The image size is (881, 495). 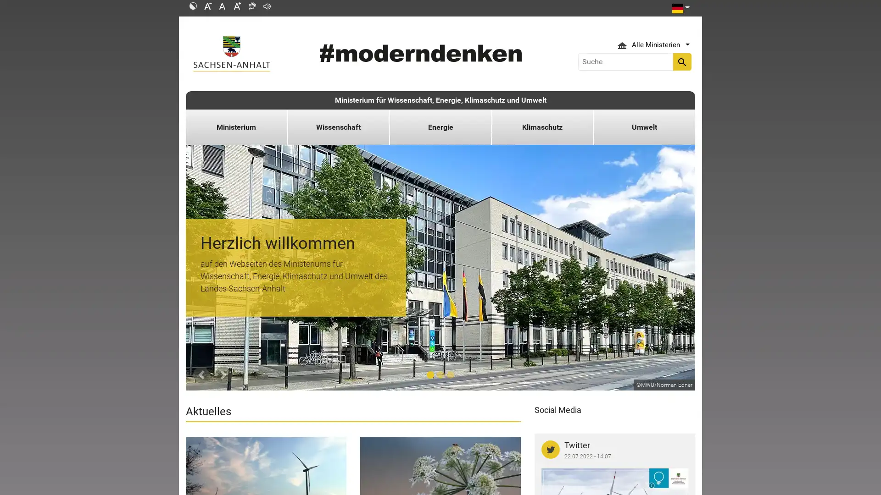 I want to click on Readspeaker: Mit dieser Funktion konnen Sie den Text dieser Seite anhoren., so click(x=266, y=5).